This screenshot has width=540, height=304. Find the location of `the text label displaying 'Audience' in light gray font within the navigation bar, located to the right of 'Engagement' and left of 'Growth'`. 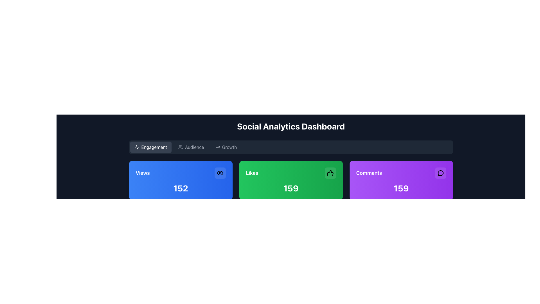

the text label displaying 'Audience' in light gray font within the navigation bar, located to the right of 'Engagement' and left of 'Growth' is located at coordinates (194, 147).